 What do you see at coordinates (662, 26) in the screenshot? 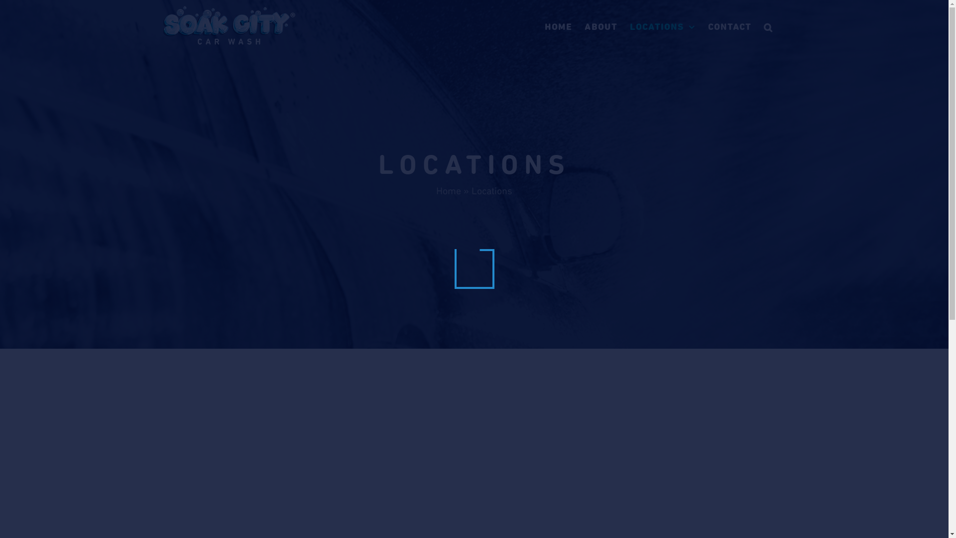
I see `'LOCATIONS'` at bounding box center [662, 26].